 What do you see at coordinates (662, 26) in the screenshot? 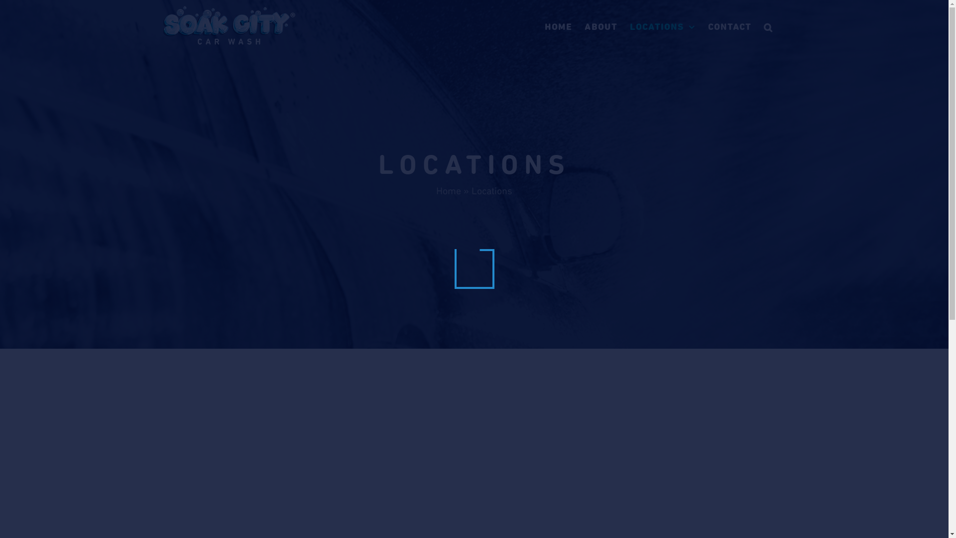
I see `'LOCATIONS'` at bounding box center [662, 26].